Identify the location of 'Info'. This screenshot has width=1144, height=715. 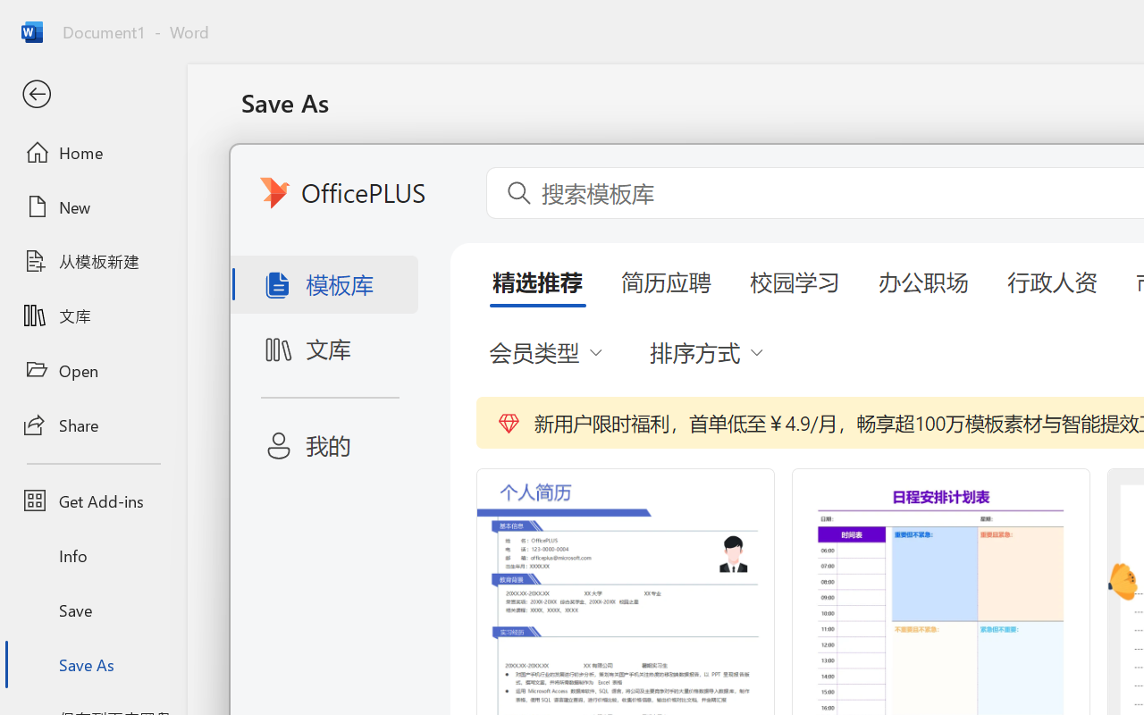
(92, 555).